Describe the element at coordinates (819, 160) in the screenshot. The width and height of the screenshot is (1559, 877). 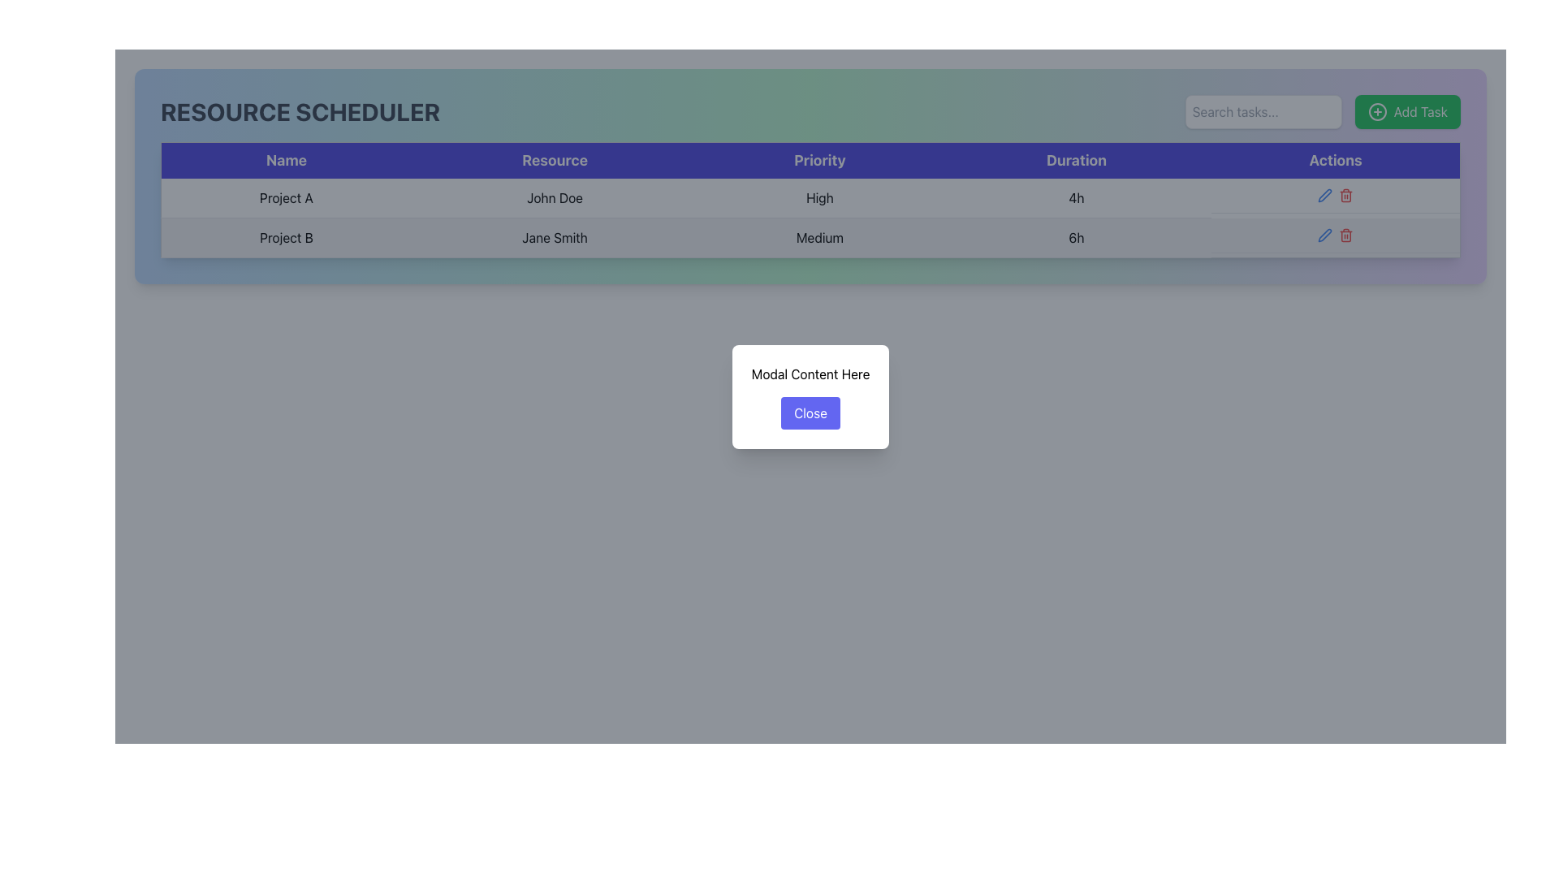
I see `the 'Priority' header label in the tabular layout, which is the third subsection in a horizontal header row` at that location.